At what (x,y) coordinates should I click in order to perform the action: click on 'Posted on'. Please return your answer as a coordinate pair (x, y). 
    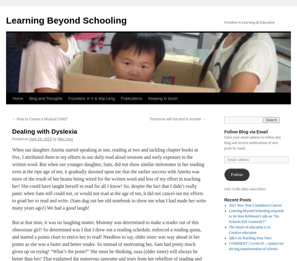
    Looking at the image, I should click on (20, 139).